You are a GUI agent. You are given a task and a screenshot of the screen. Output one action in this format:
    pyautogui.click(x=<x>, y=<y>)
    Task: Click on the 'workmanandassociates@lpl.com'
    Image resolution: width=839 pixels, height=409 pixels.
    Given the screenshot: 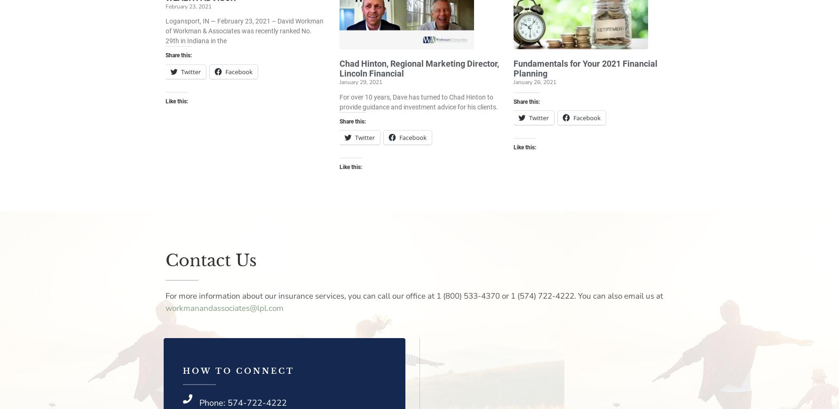 What is the action you would take?
    pyautogui.click(x=224, y=307)
    